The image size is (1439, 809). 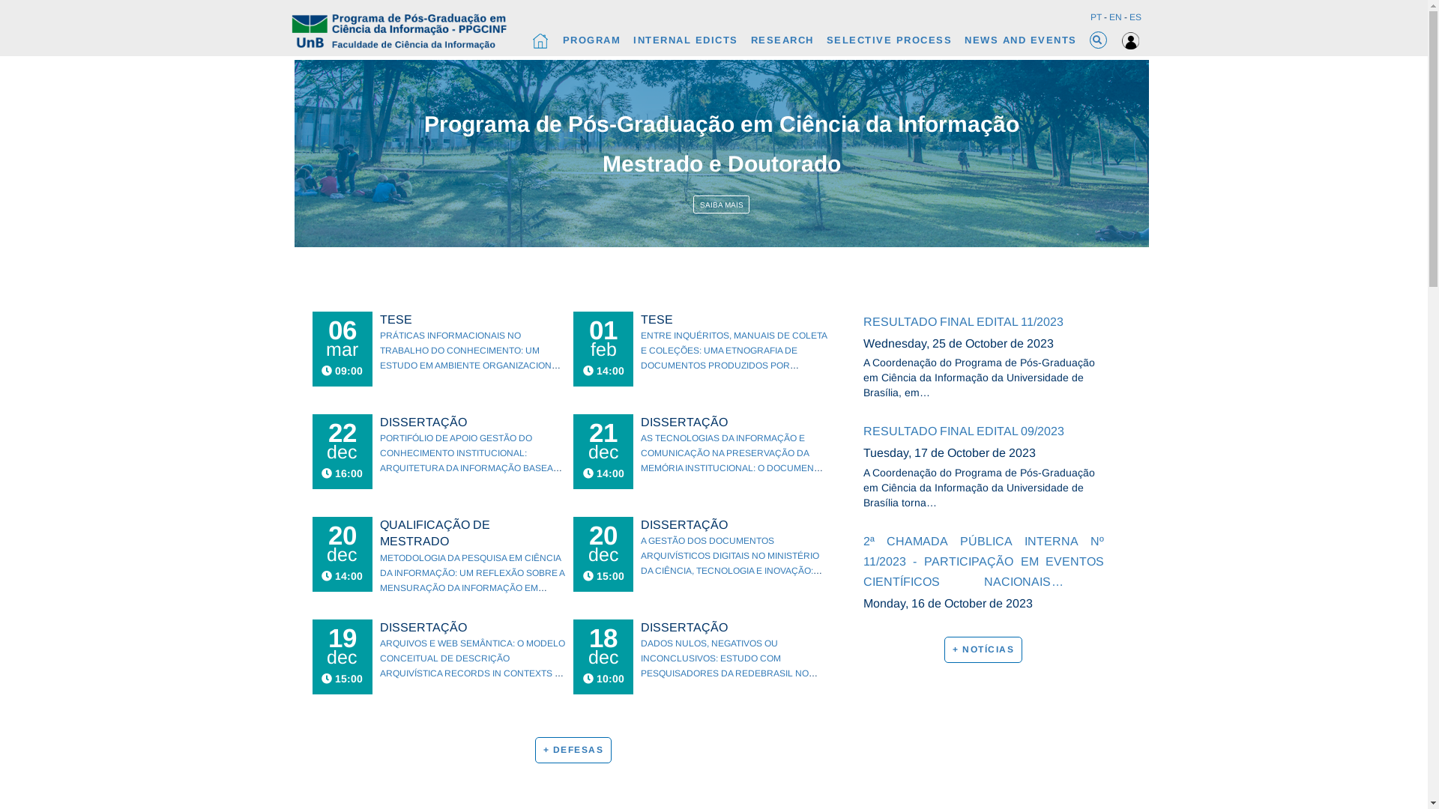 What do you see at coordinates (590, 39) in the screenshot?
I see `'PROGRAM'` at bounding box center [590, 39].